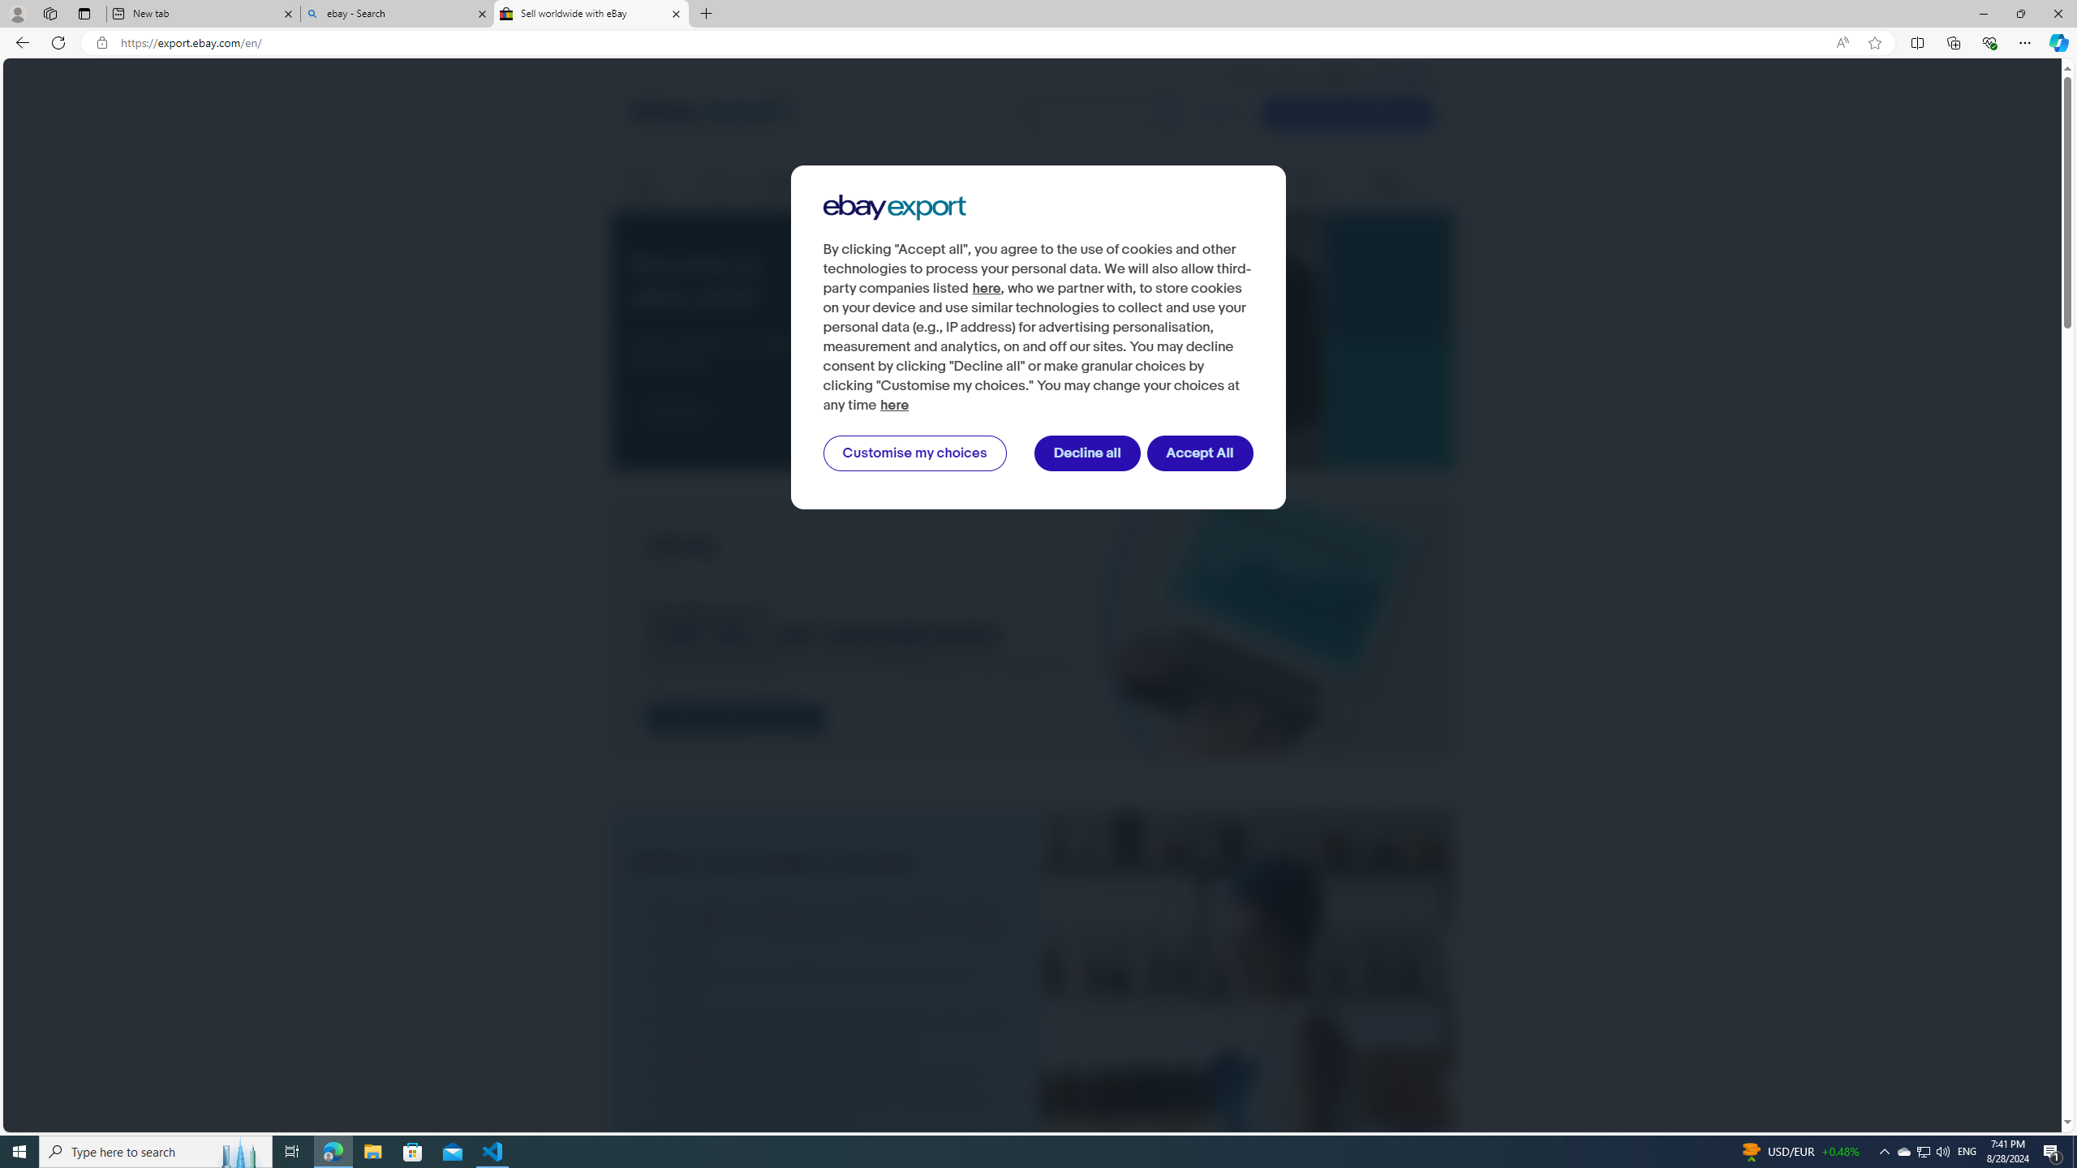 The image size is (2077, 1168). I want to click on 'Sell worldwide with eBay', so click(591, 13).